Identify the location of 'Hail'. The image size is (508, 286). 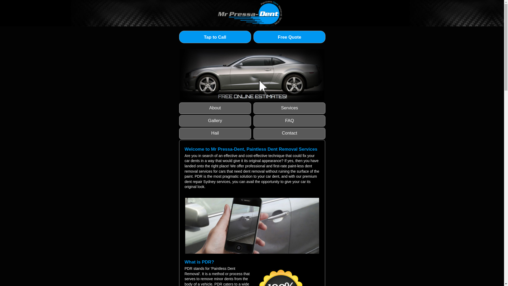
(215, 133).